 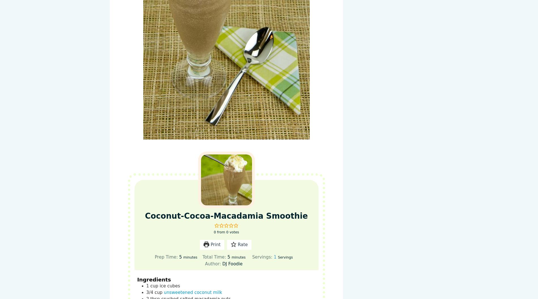 What do you see at coordinates (193, 292) in the screenshot?
I see `'unsweetened coconut milk'` at bounding box center [193, 292].